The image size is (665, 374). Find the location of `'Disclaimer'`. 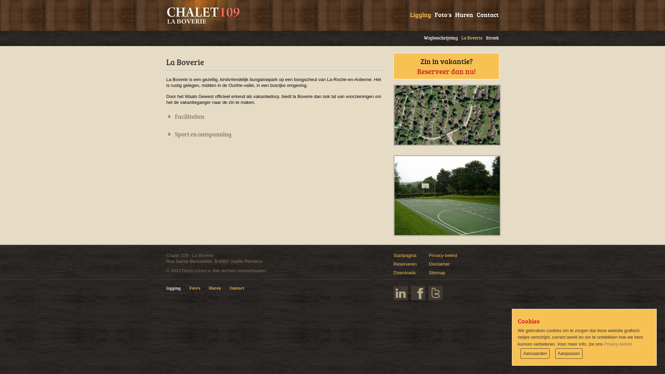

'Disclaimer' is located at coordinates (439, 264).